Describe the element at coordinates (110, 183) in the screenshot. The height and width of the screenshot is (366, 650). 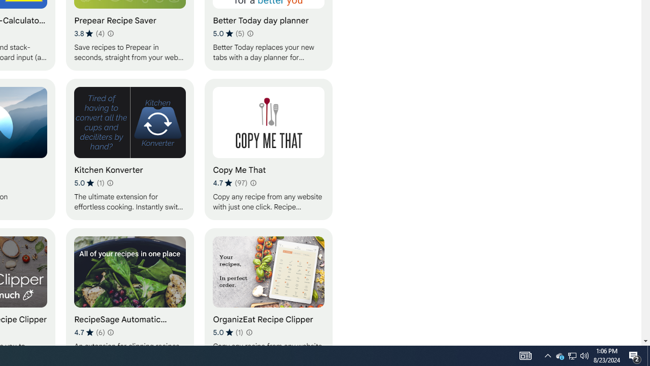
I see `'Learn more about results and reviews "Kitchen Konverter"'` at that location.